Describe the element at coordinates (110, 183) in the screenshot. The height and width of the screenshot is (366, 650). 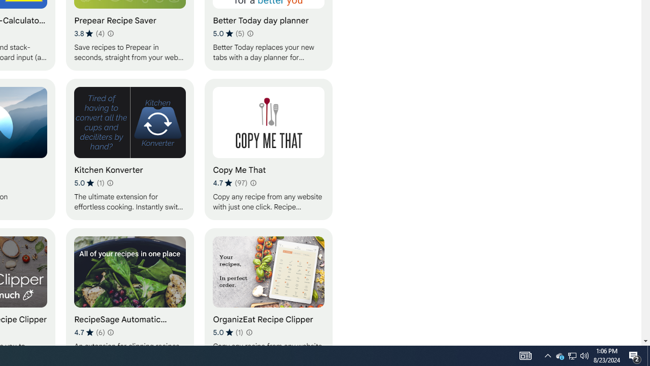
I see `'Learn more about results and reviews "Kitchen Konverter"'` at that location.